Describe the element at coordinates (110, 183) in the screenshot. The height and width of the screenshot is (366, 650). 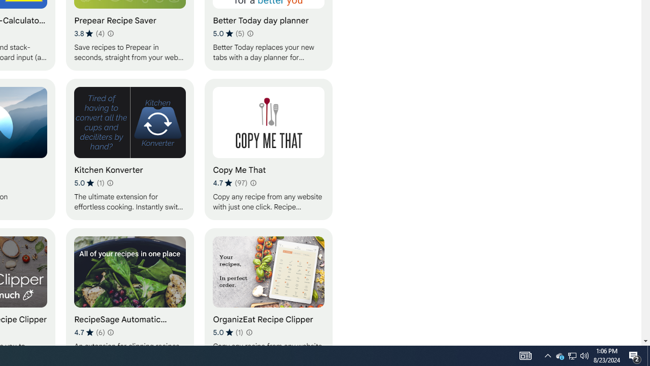
I see `'Learn more about results and reviews "Kitchen Konverter"'` at that location.